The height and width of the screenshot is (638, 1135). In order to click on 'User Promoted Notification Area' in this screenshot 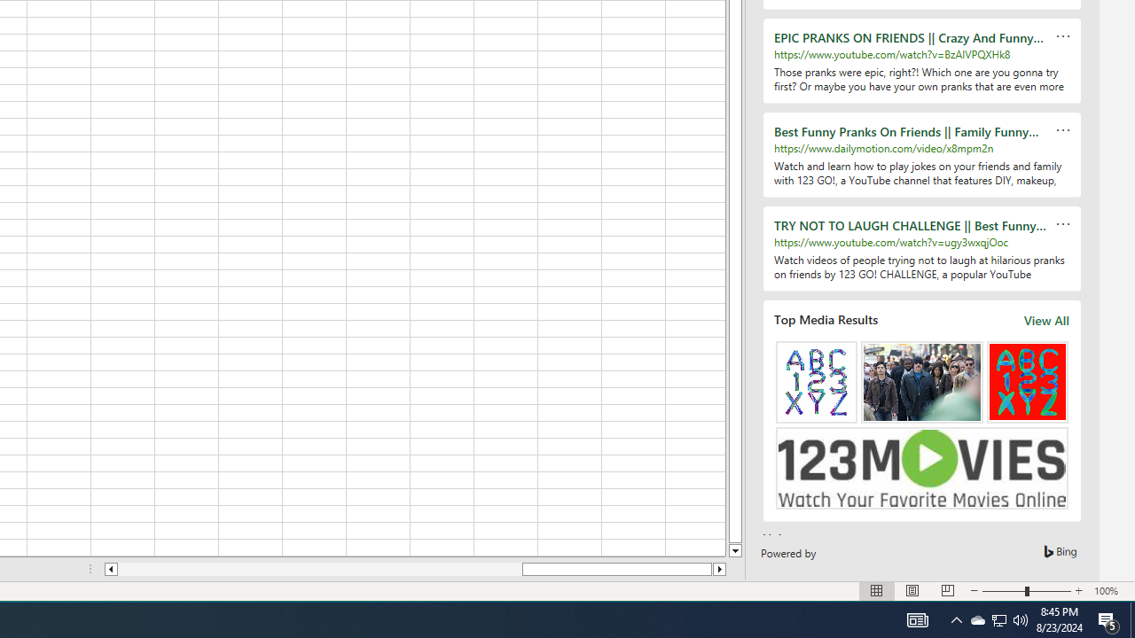, I will do `click(999, 619)`.